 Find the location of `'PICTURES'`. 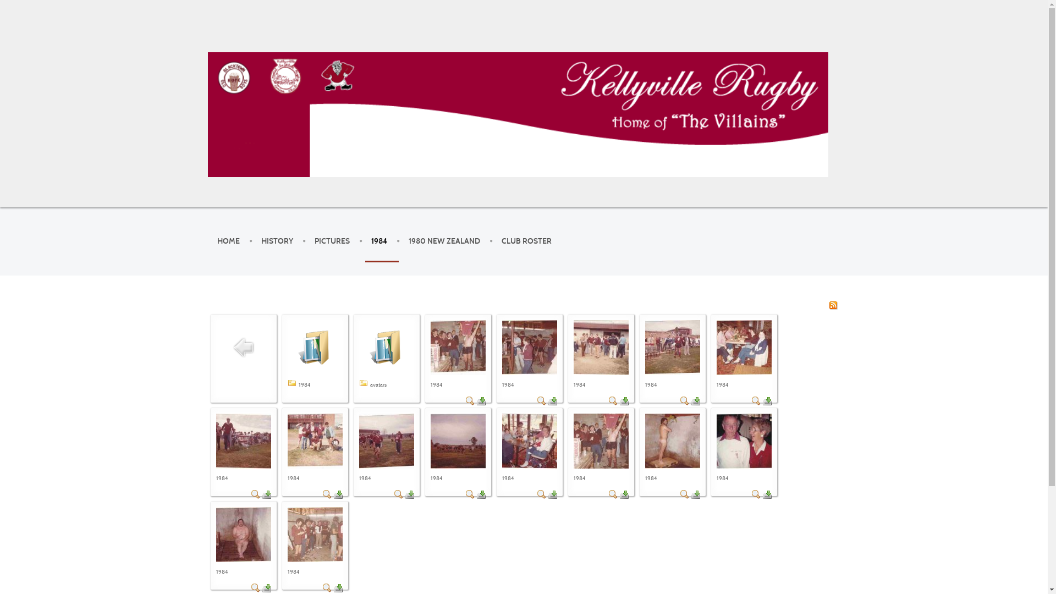

'PICTURES' is located at coordinates (332, 241).